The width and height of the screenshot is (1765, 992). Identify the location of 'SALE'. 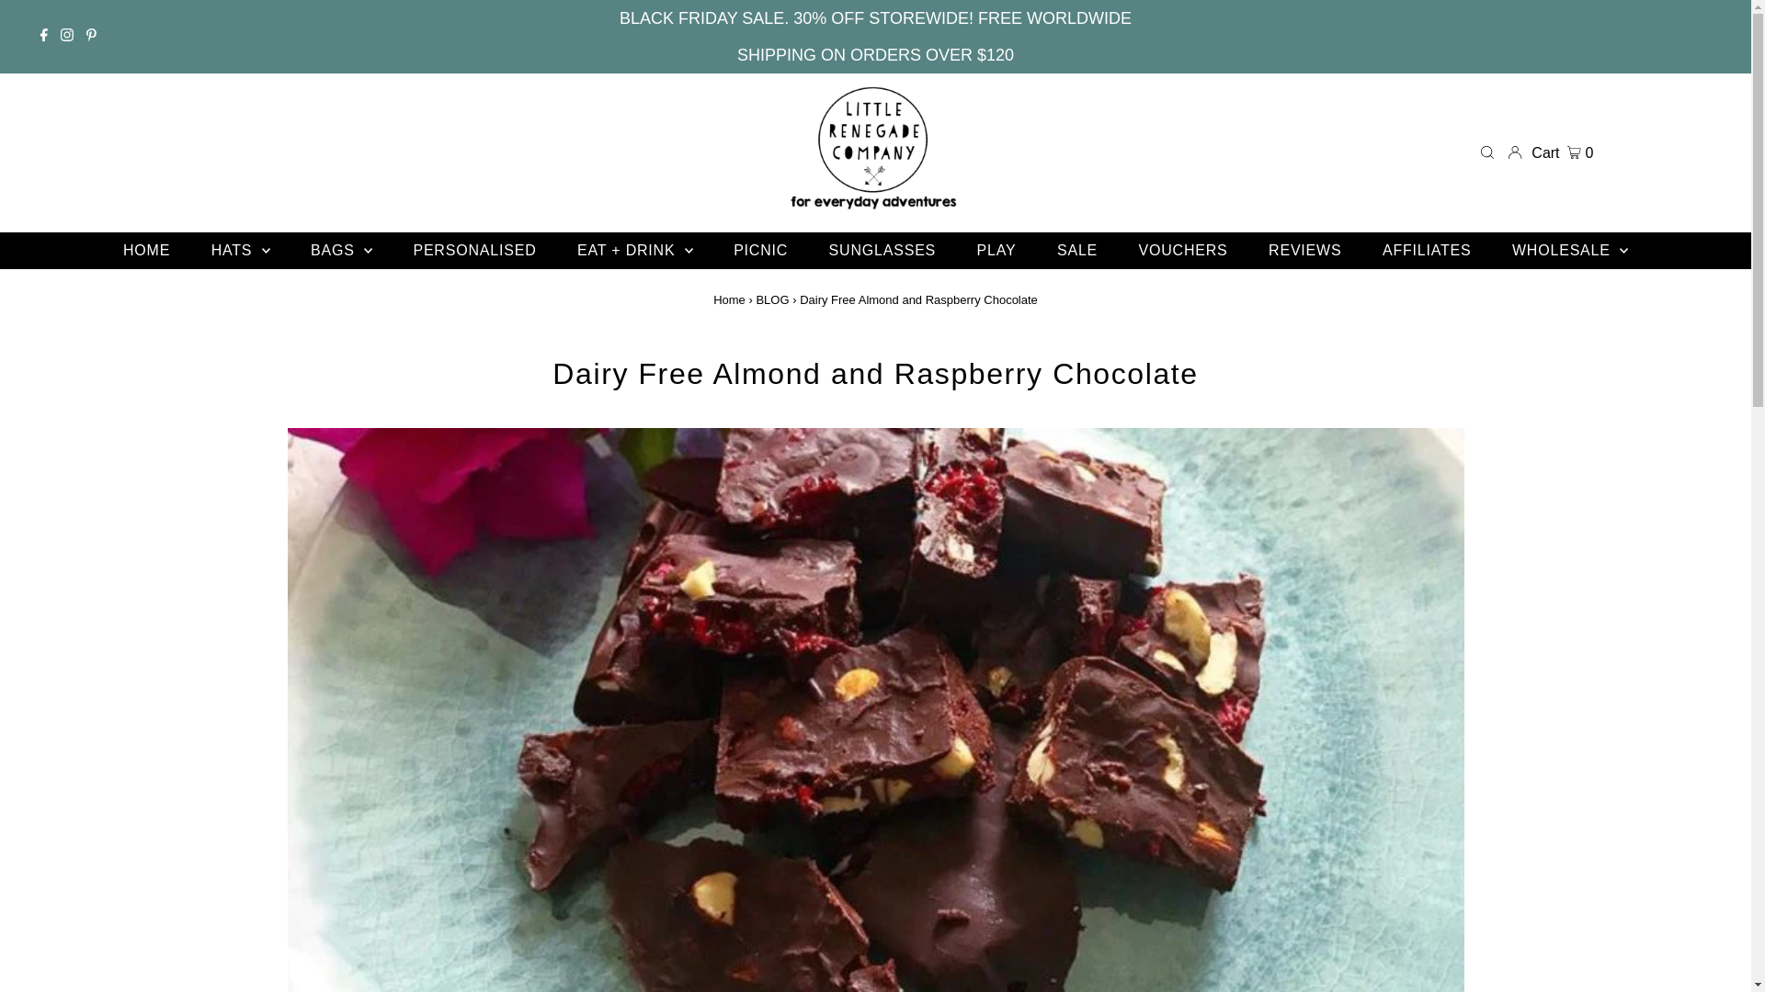
(1076, 251).